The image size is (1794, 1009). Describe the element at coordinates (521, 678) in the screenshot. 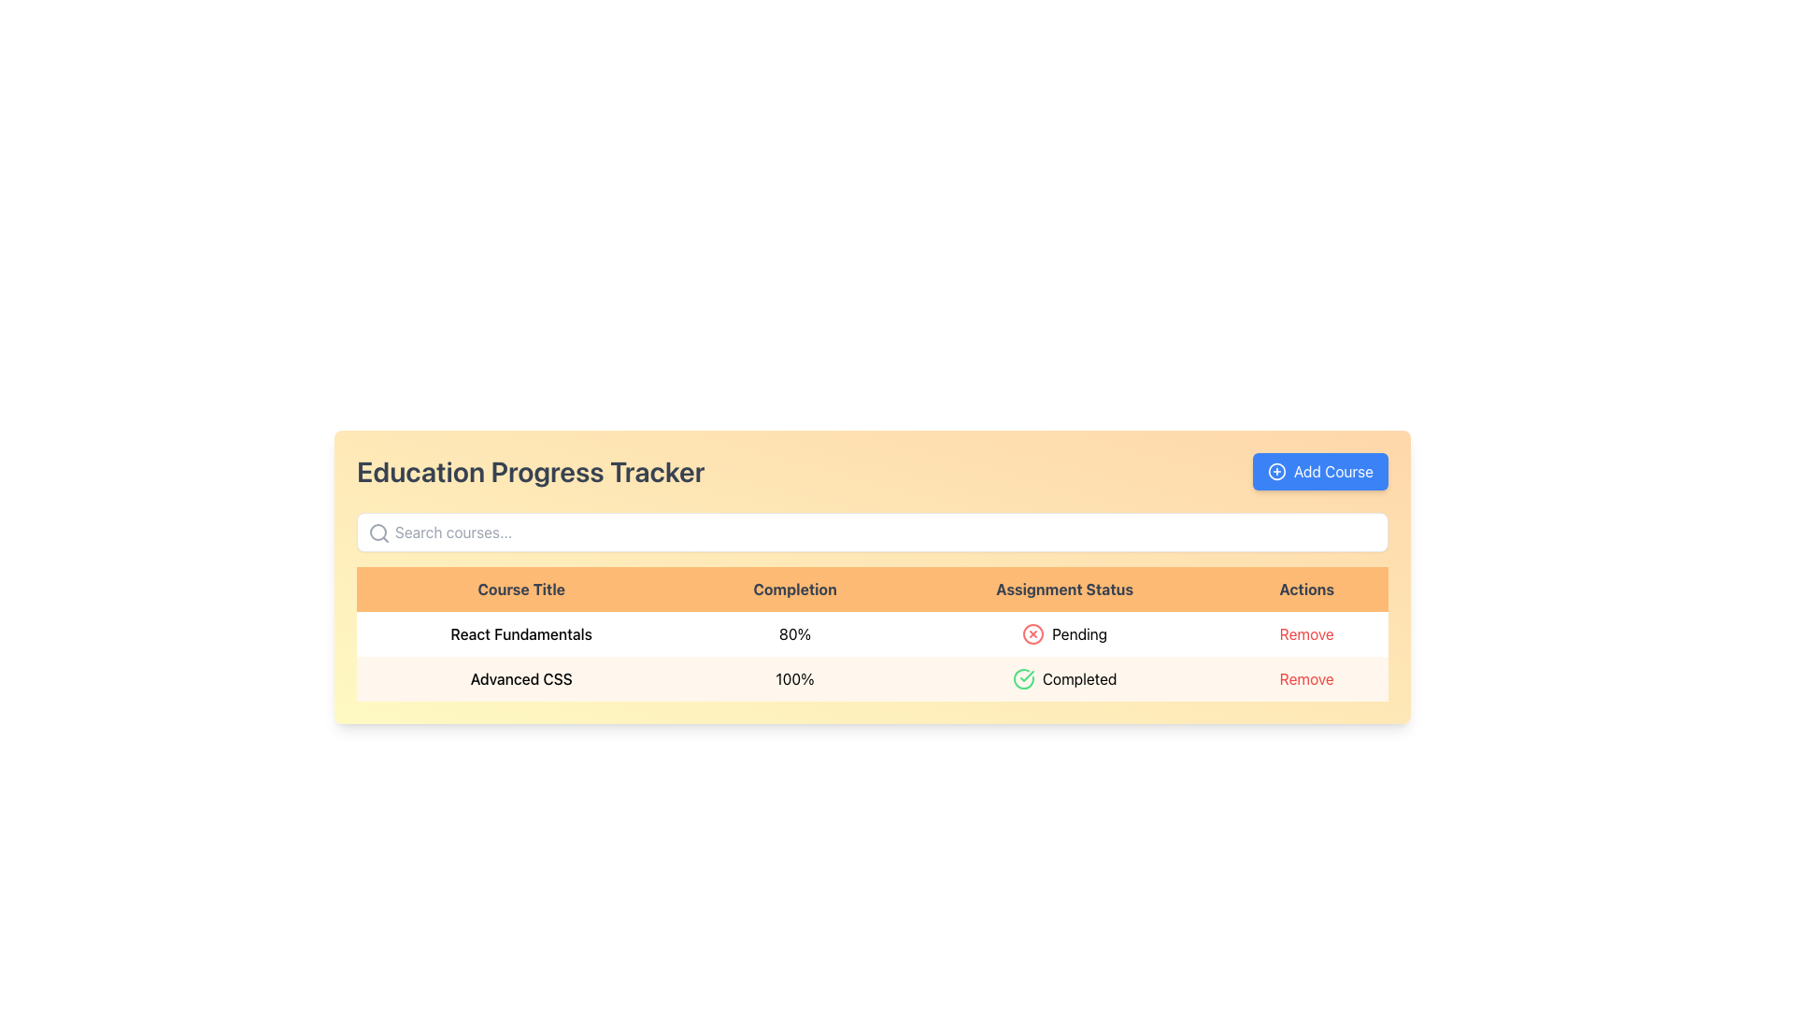

I see `the 'Advanced CSS' text label in the course tracker interface, which is located in the second row under the 'Course Title' column` at that location.